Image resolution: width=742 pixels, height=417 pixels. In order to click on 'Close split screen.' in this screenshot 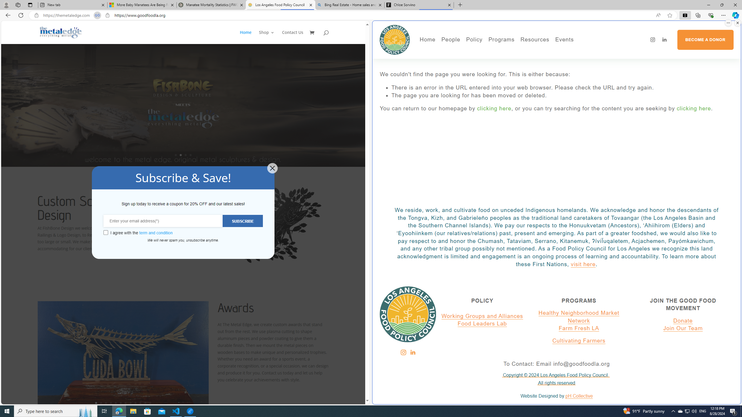, I will do `click(737, 23)`.